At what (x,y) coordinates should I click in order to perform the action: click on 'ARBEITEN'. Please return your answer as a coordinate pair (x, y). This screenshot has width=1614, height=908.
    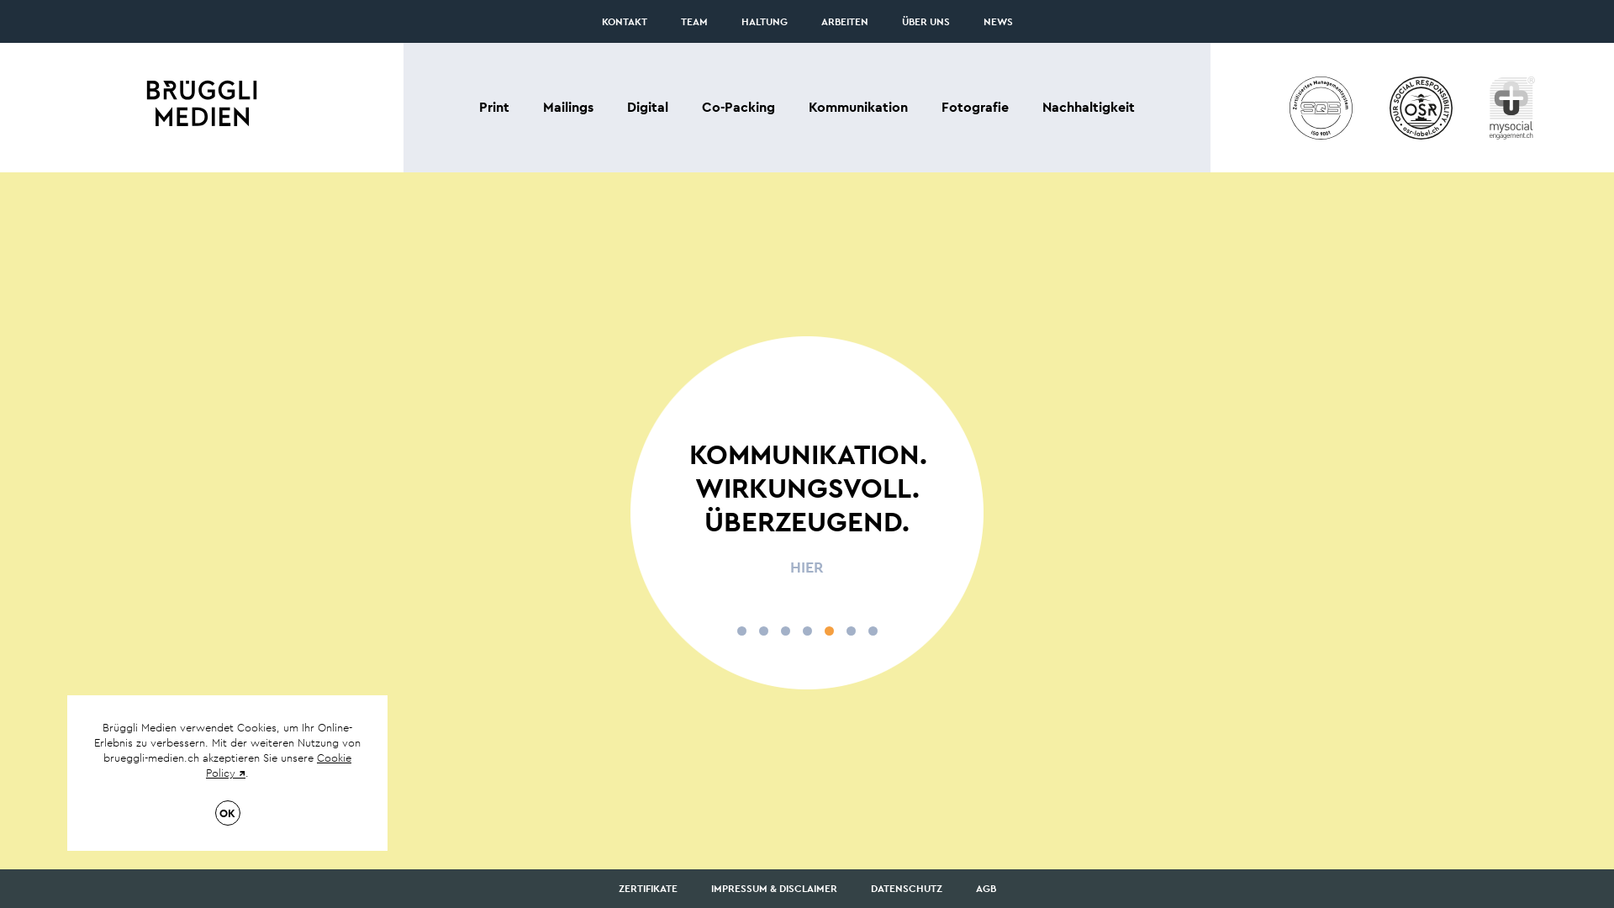
    Looking at the image, I should click on (843, 22).